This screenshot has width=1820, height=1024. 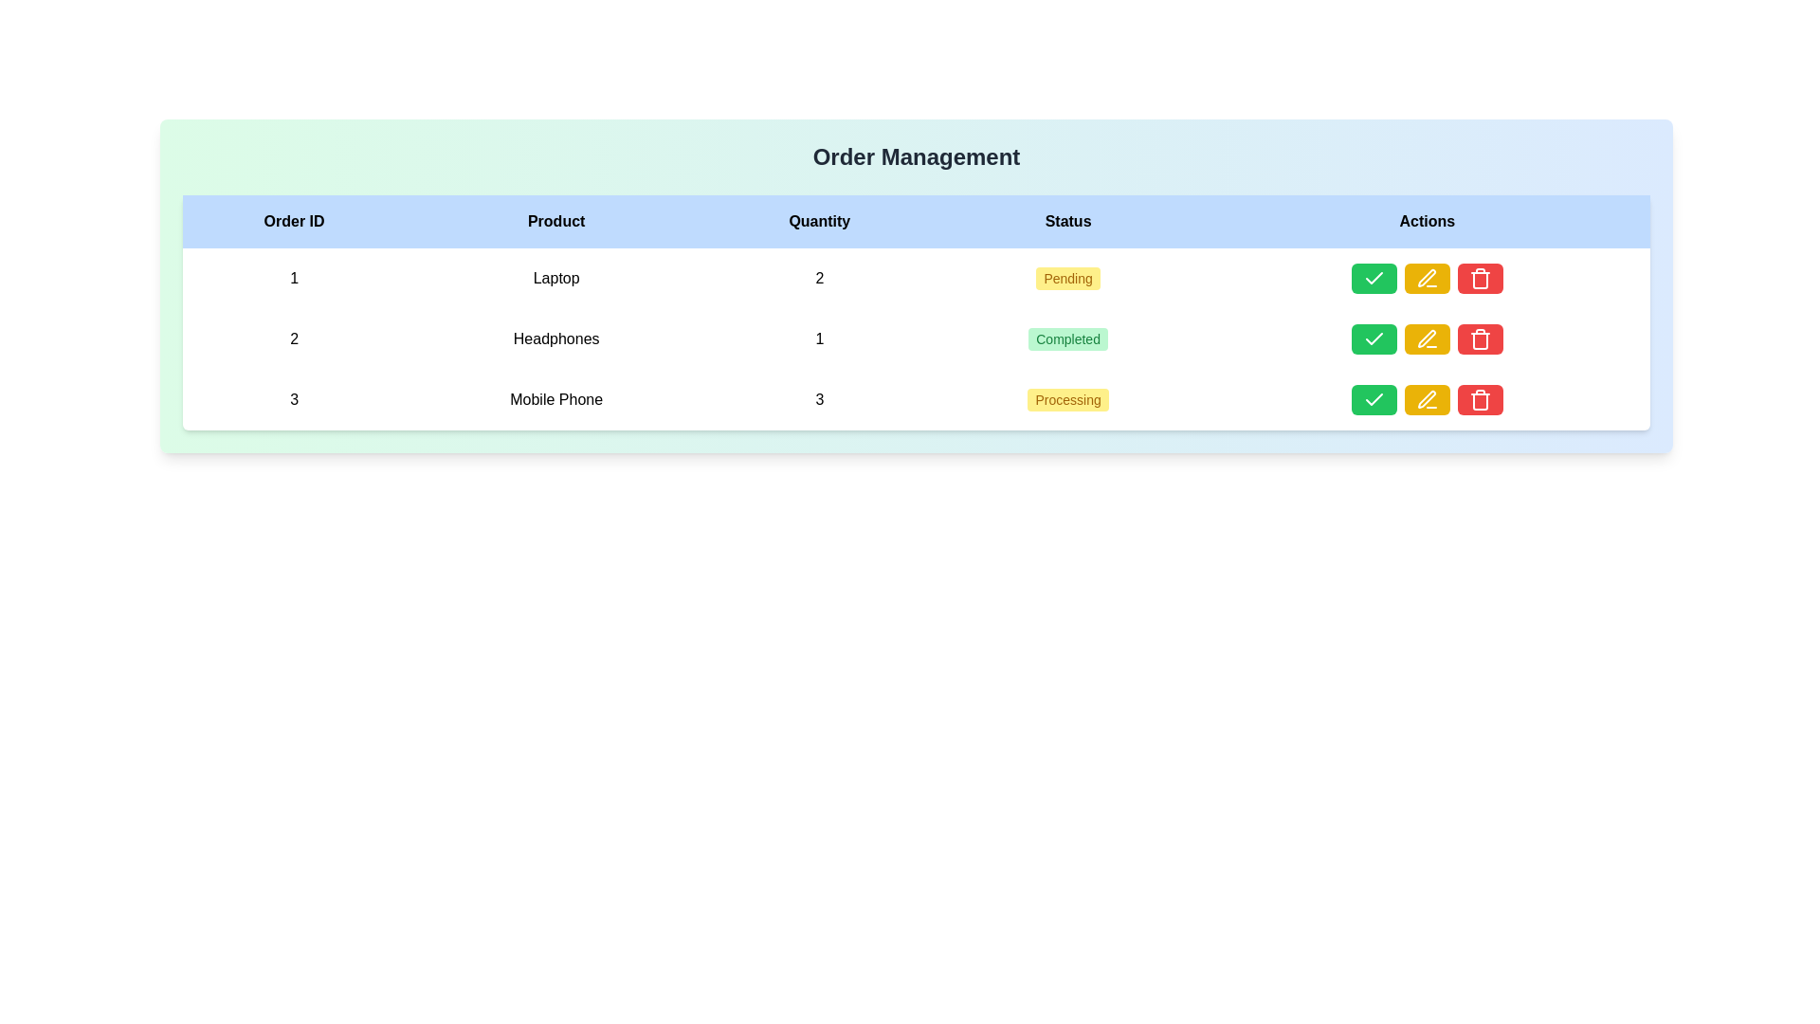 What do you see at coordinates (819, 278) in the screenshot?
I see `the centered-aligned numeral '2' in the third cell of the 'Quantity' column for 'Laptop' in the table` at bounding box center [819, 278].